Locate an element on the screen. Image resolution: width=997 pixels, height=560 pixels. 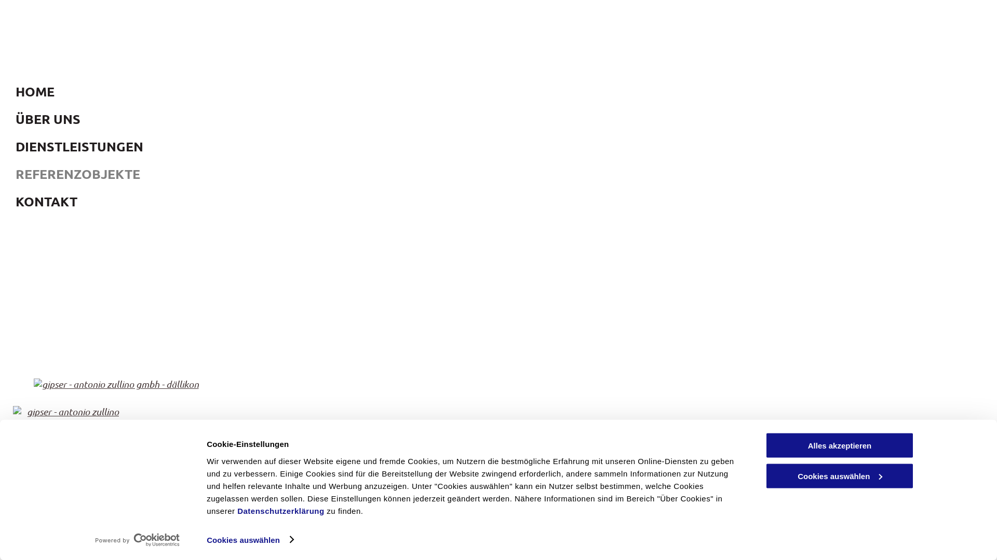
'Alles akzeptieren' is located at coordinates (765, 445).